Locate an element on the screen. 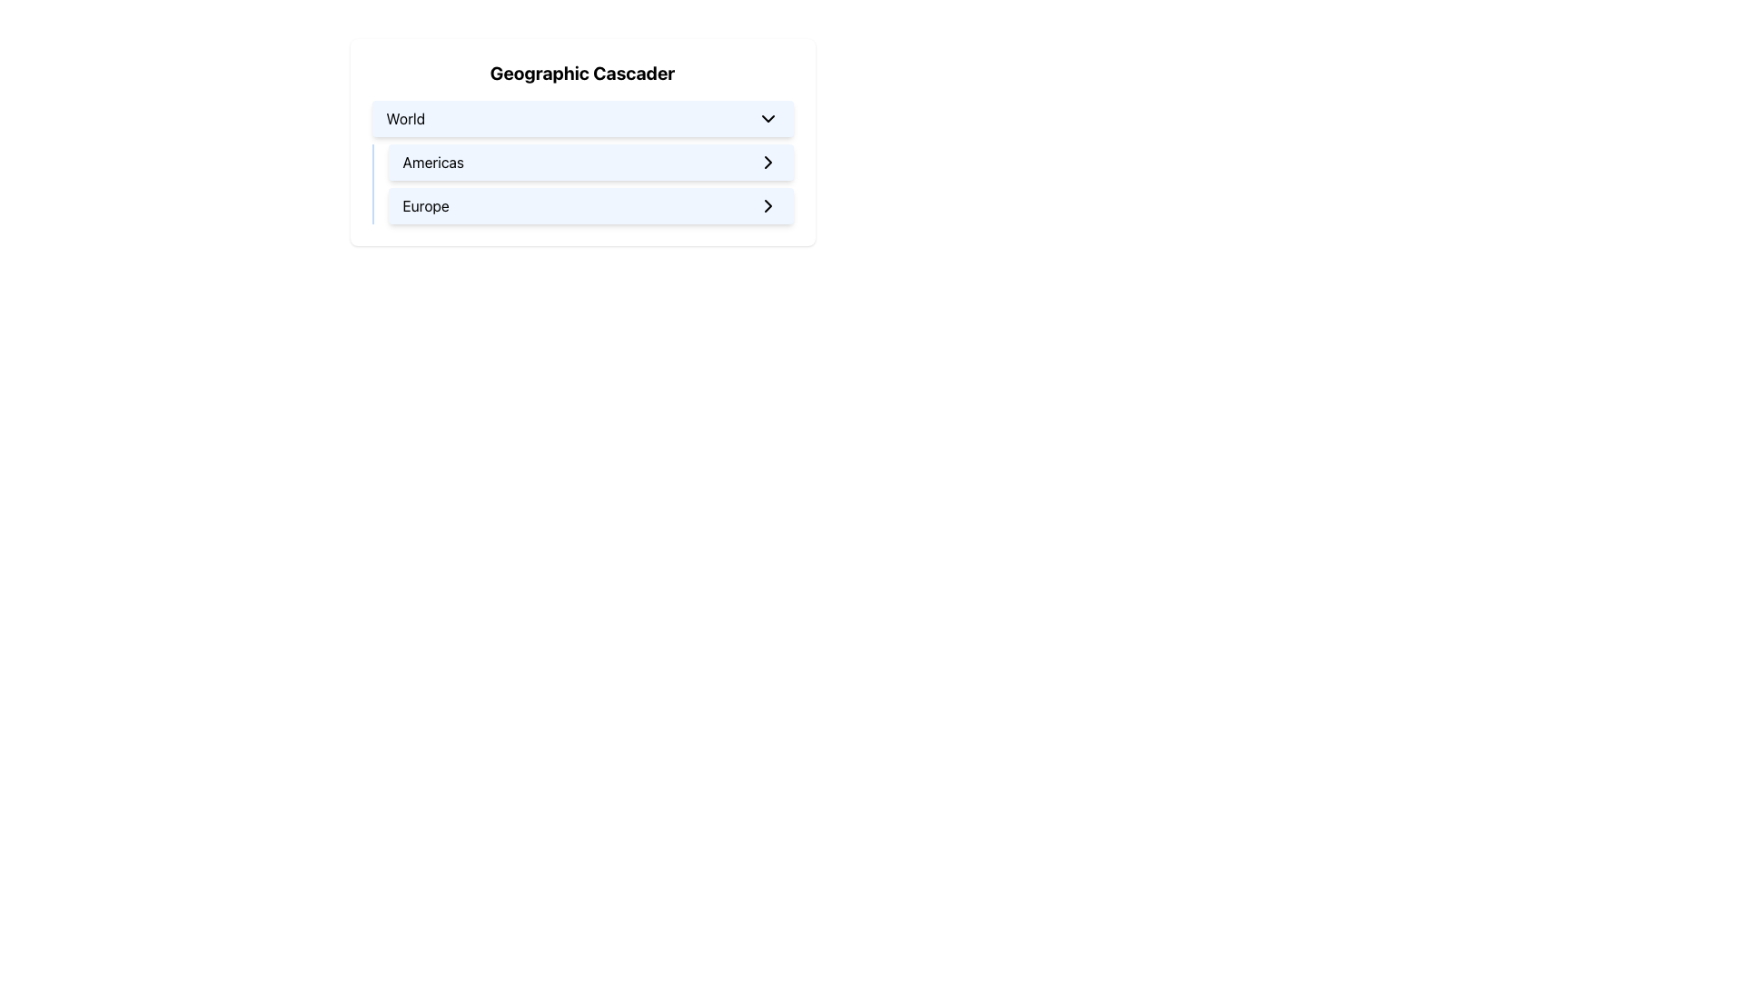  the SVG-based icon element positioned on the far right side of the 'Americas' list item is located at coordinates (768, 161).